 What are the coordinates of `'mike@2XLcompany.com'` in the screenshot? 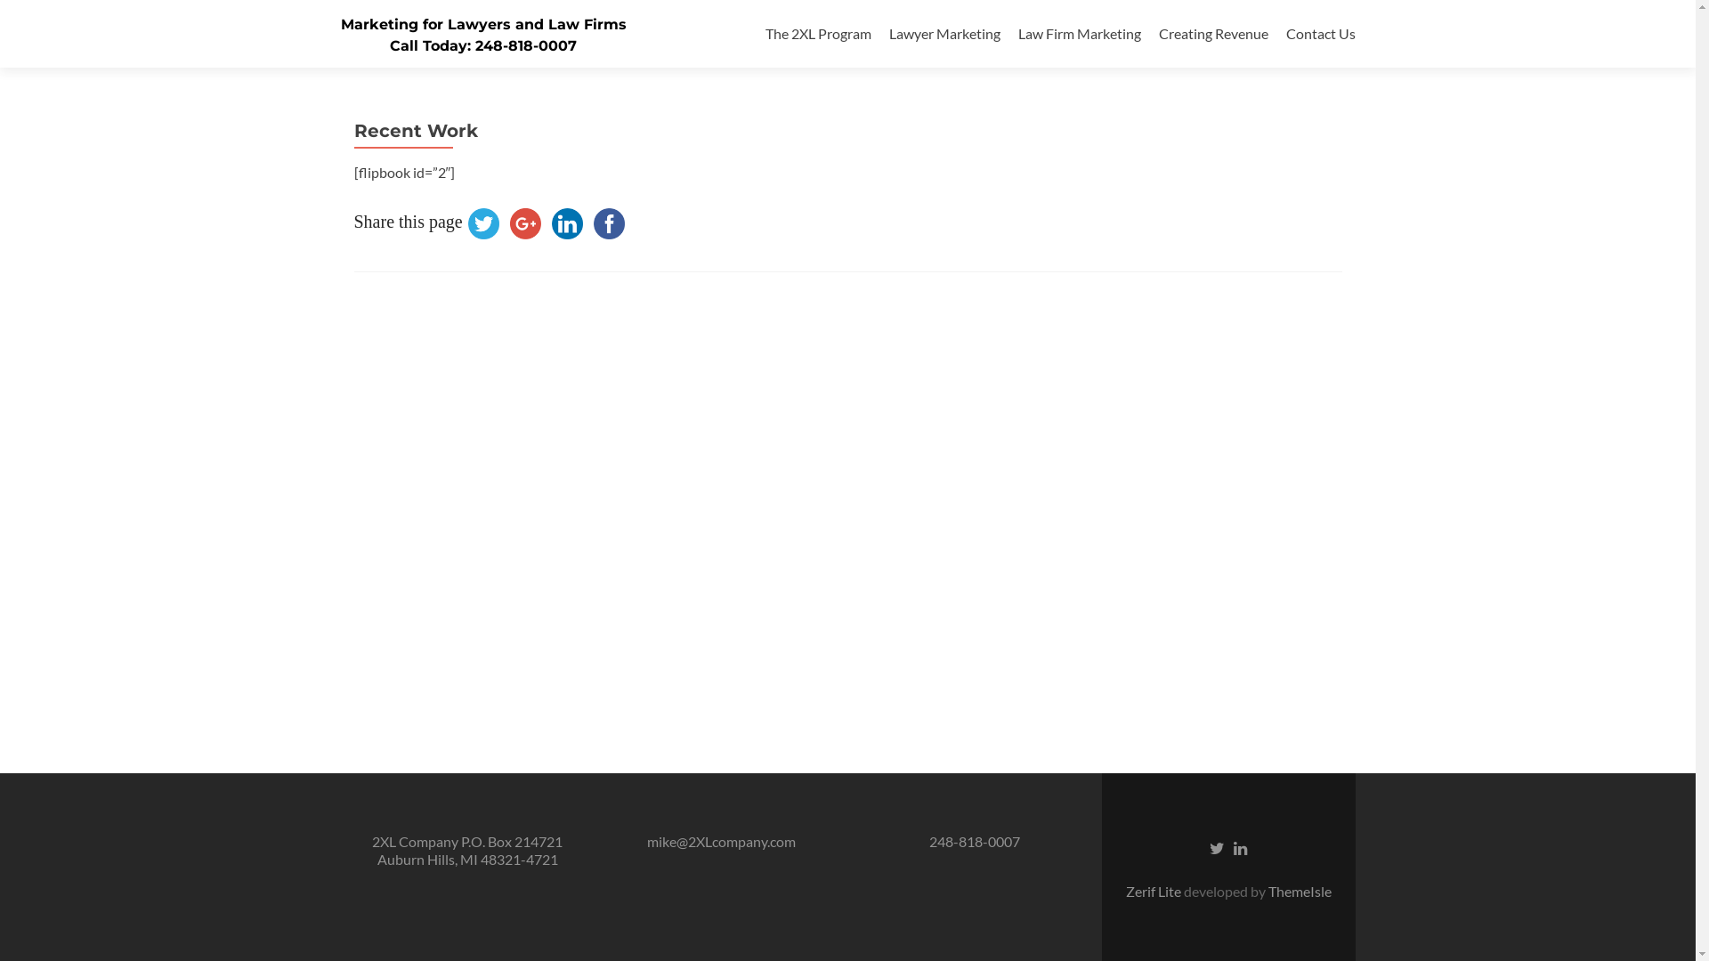 It's located at (720, 841).